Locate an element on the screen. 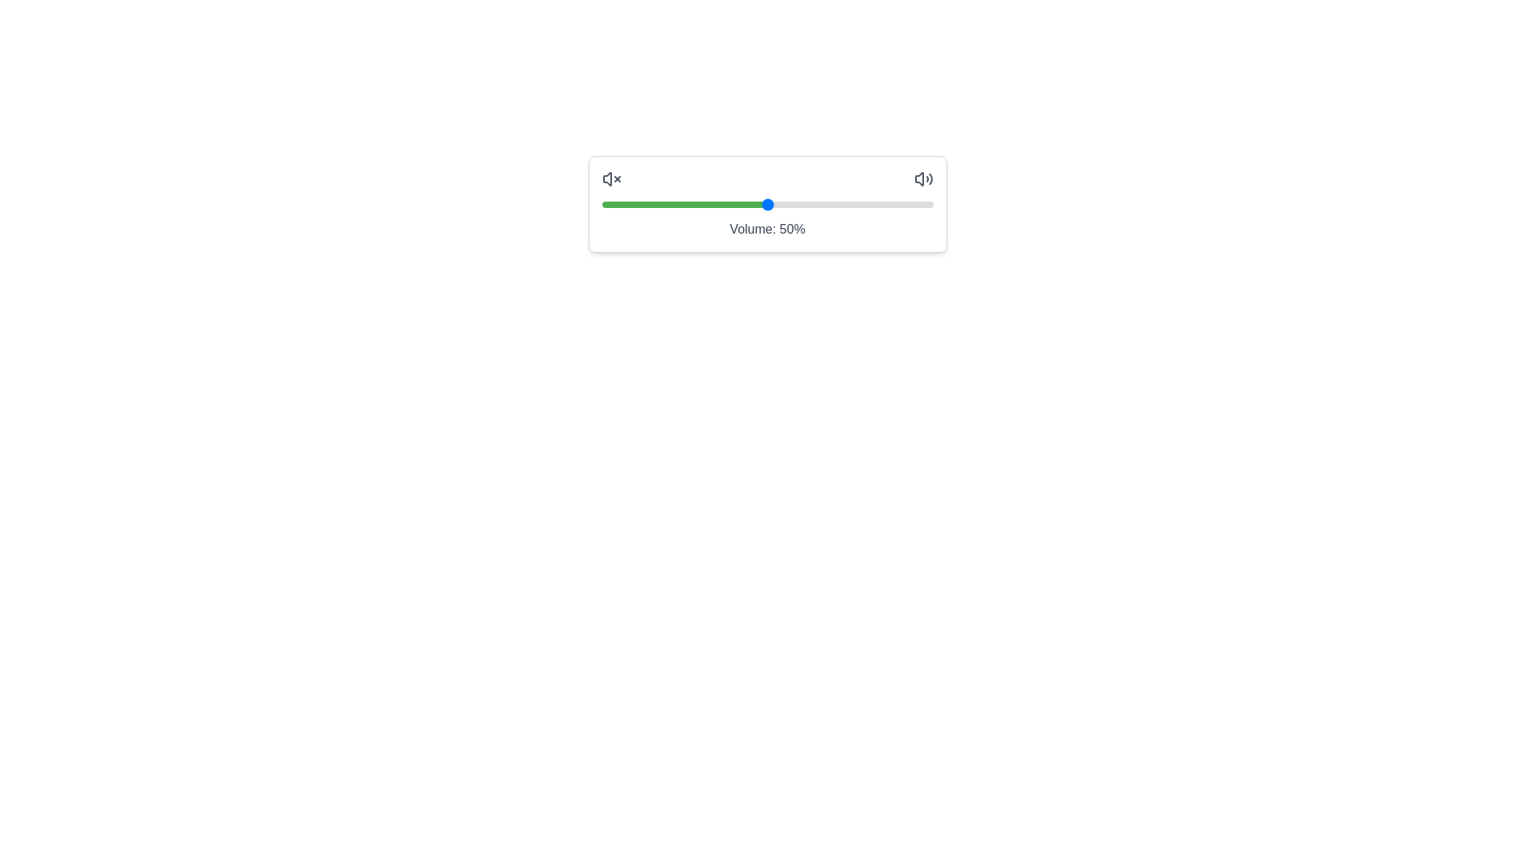 Image resolution: width=1536 pixels, height=864 pixels. the triangular portion of the speaker icon located in the top-right corner of the volume control interface, which represents sound and is part of a minimalistic speaker graphic is located at coordinates (918, 178).